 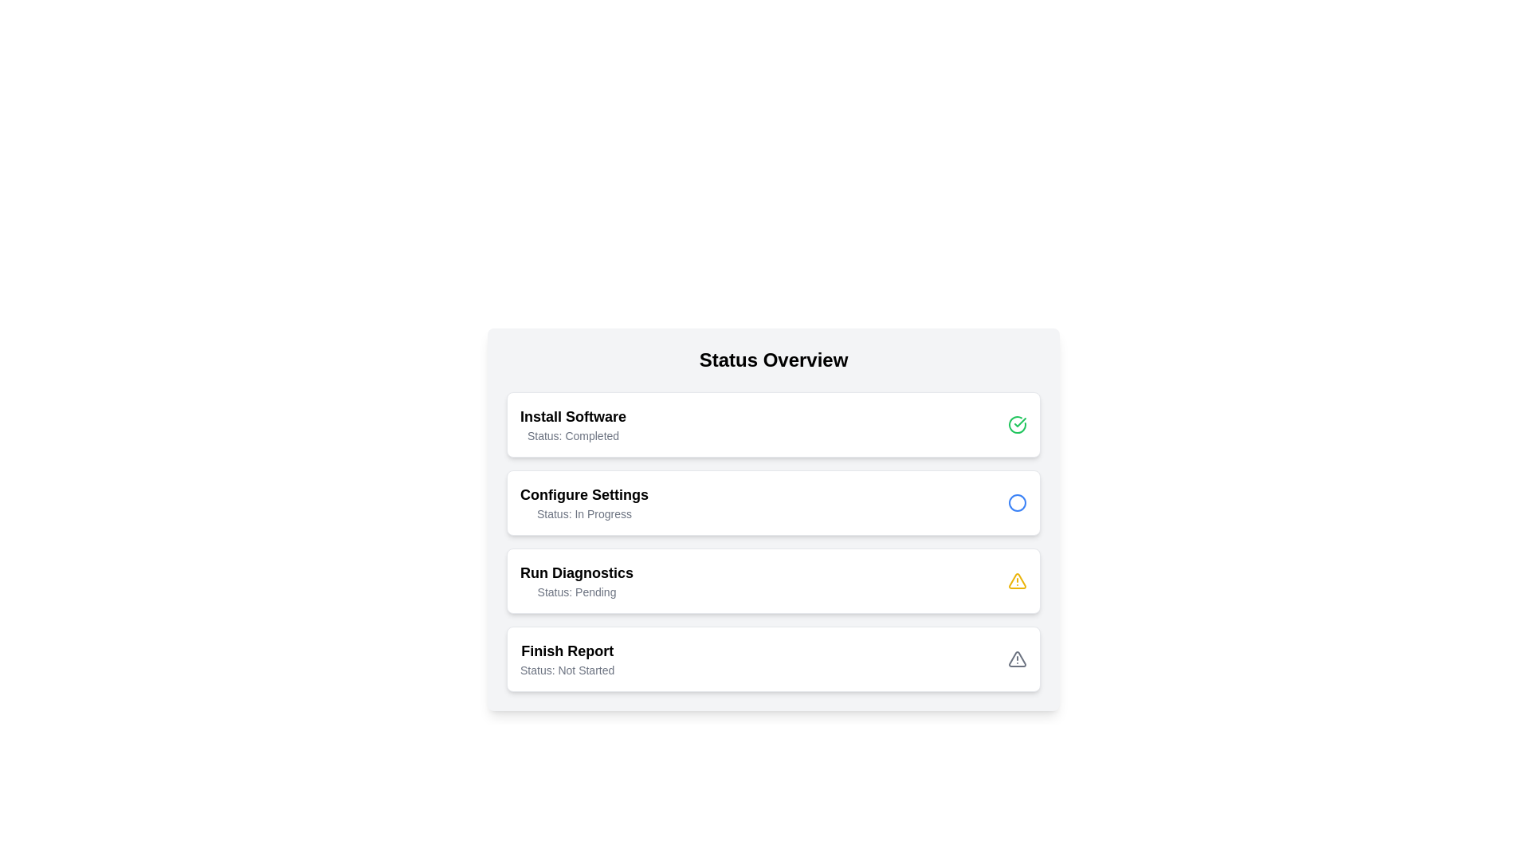 What do you see at coordinates (567, 651) in the screenshot?
I see `the text label displaying 'Finish Report' which is bold and prominent at the bottom of the list` at bounding box center [567, 651].